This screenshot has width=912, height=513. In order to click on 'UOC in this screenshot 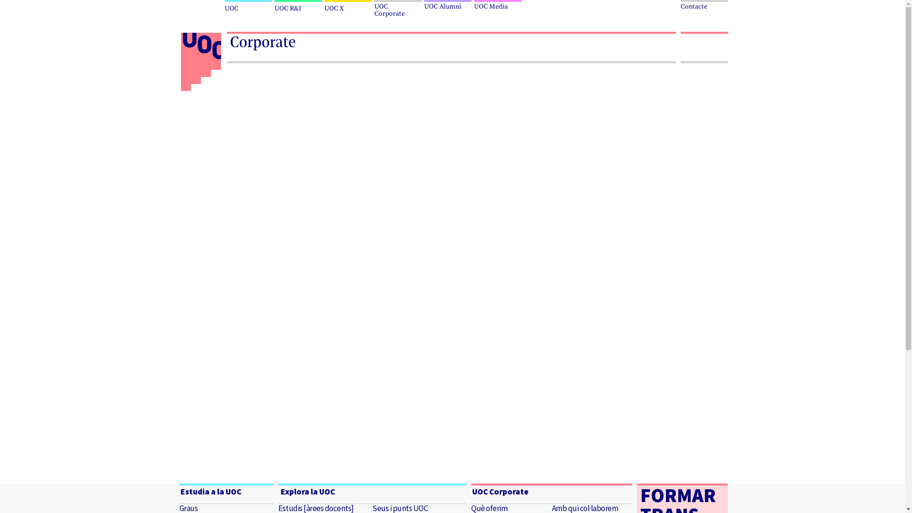, I will do `click(399, 9)`.